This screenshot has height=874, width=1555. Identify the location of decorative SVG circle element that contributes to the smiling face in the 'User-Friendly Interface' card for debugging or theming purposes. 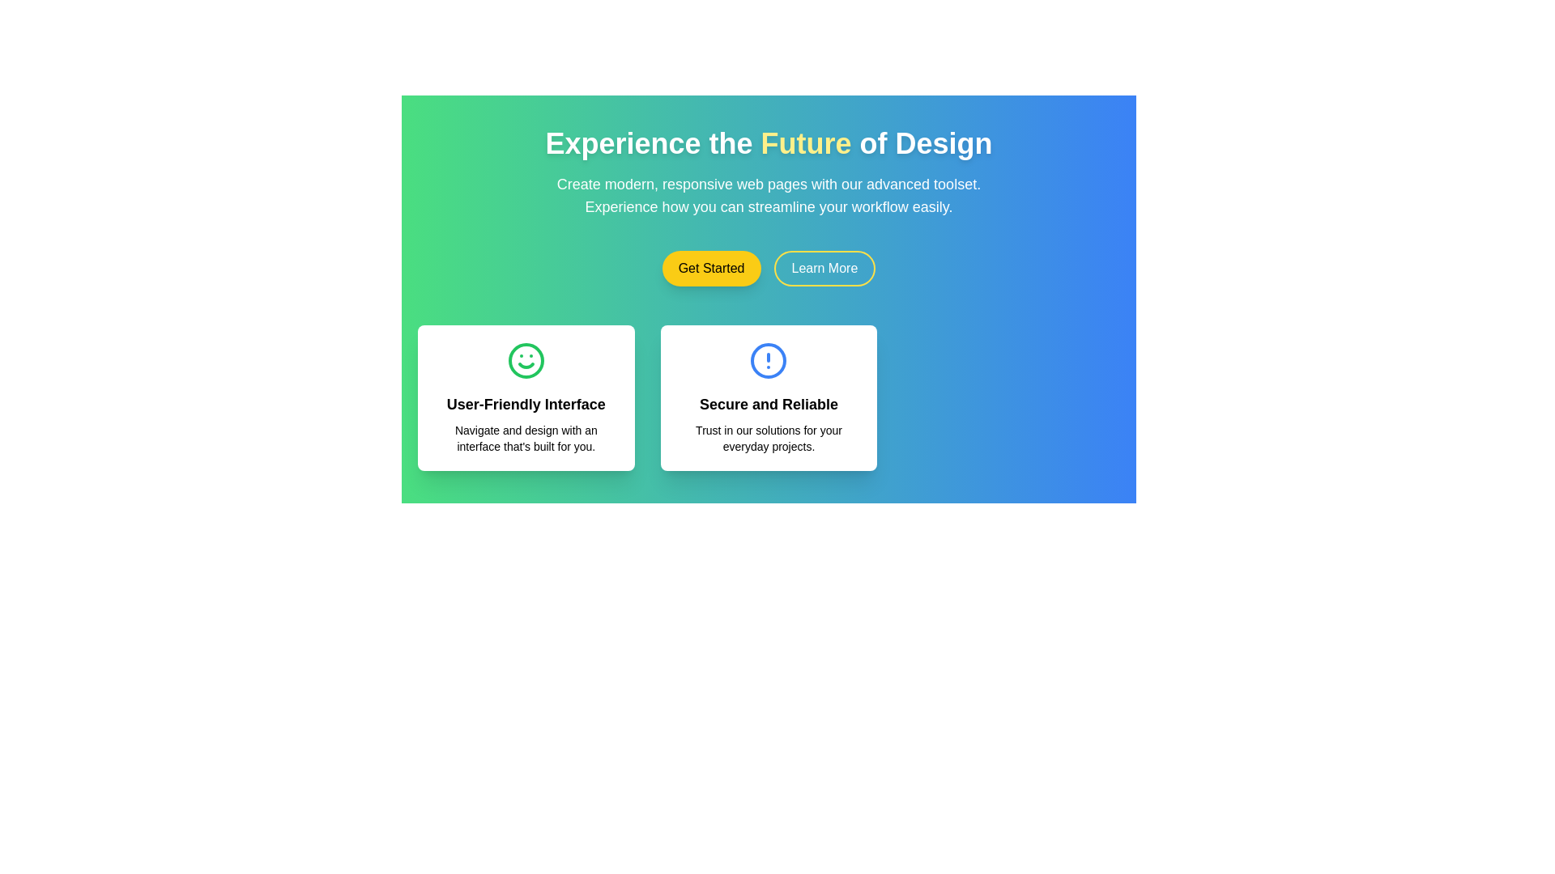
(526, 360).